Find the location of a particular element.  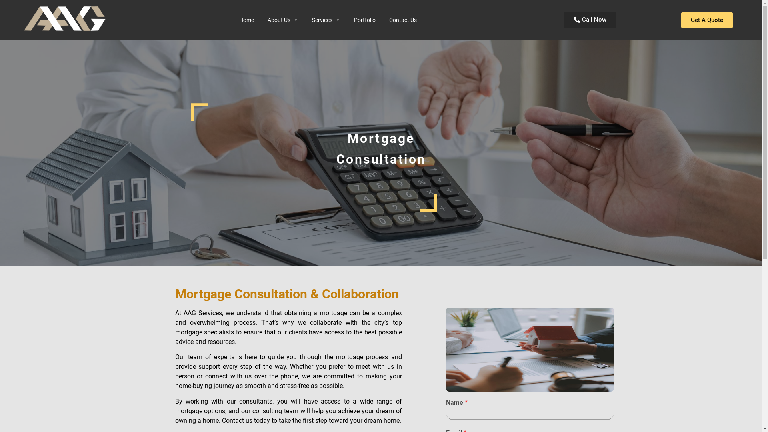

'About Us' is located at coordinates (283, 20).